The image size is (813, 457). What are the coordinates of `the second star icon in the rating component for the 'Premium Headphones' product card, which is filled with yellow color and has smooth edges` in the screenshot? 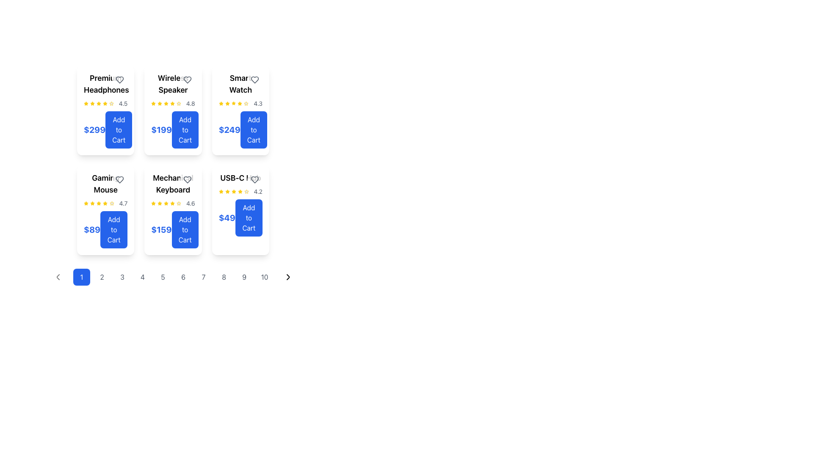 It's located at (99, 103).